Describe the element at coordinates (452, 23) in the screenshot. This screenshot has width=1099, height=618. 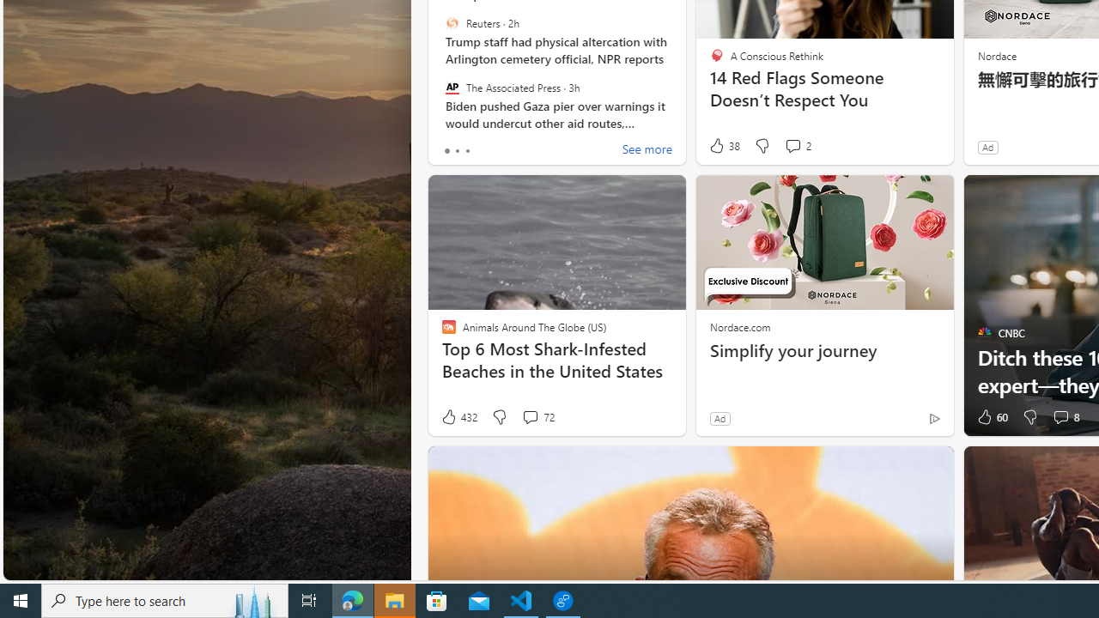
I see `'Reuters'` at that location.